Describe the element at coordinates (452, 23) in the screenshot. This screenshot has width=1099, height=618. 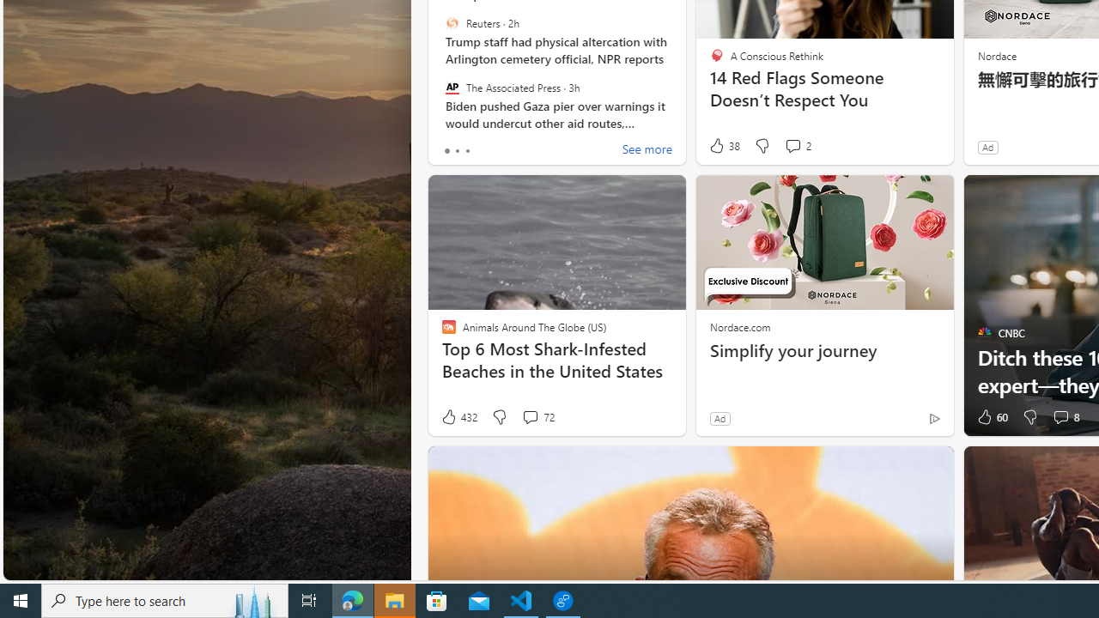
I see `'Reuters'` at that location.